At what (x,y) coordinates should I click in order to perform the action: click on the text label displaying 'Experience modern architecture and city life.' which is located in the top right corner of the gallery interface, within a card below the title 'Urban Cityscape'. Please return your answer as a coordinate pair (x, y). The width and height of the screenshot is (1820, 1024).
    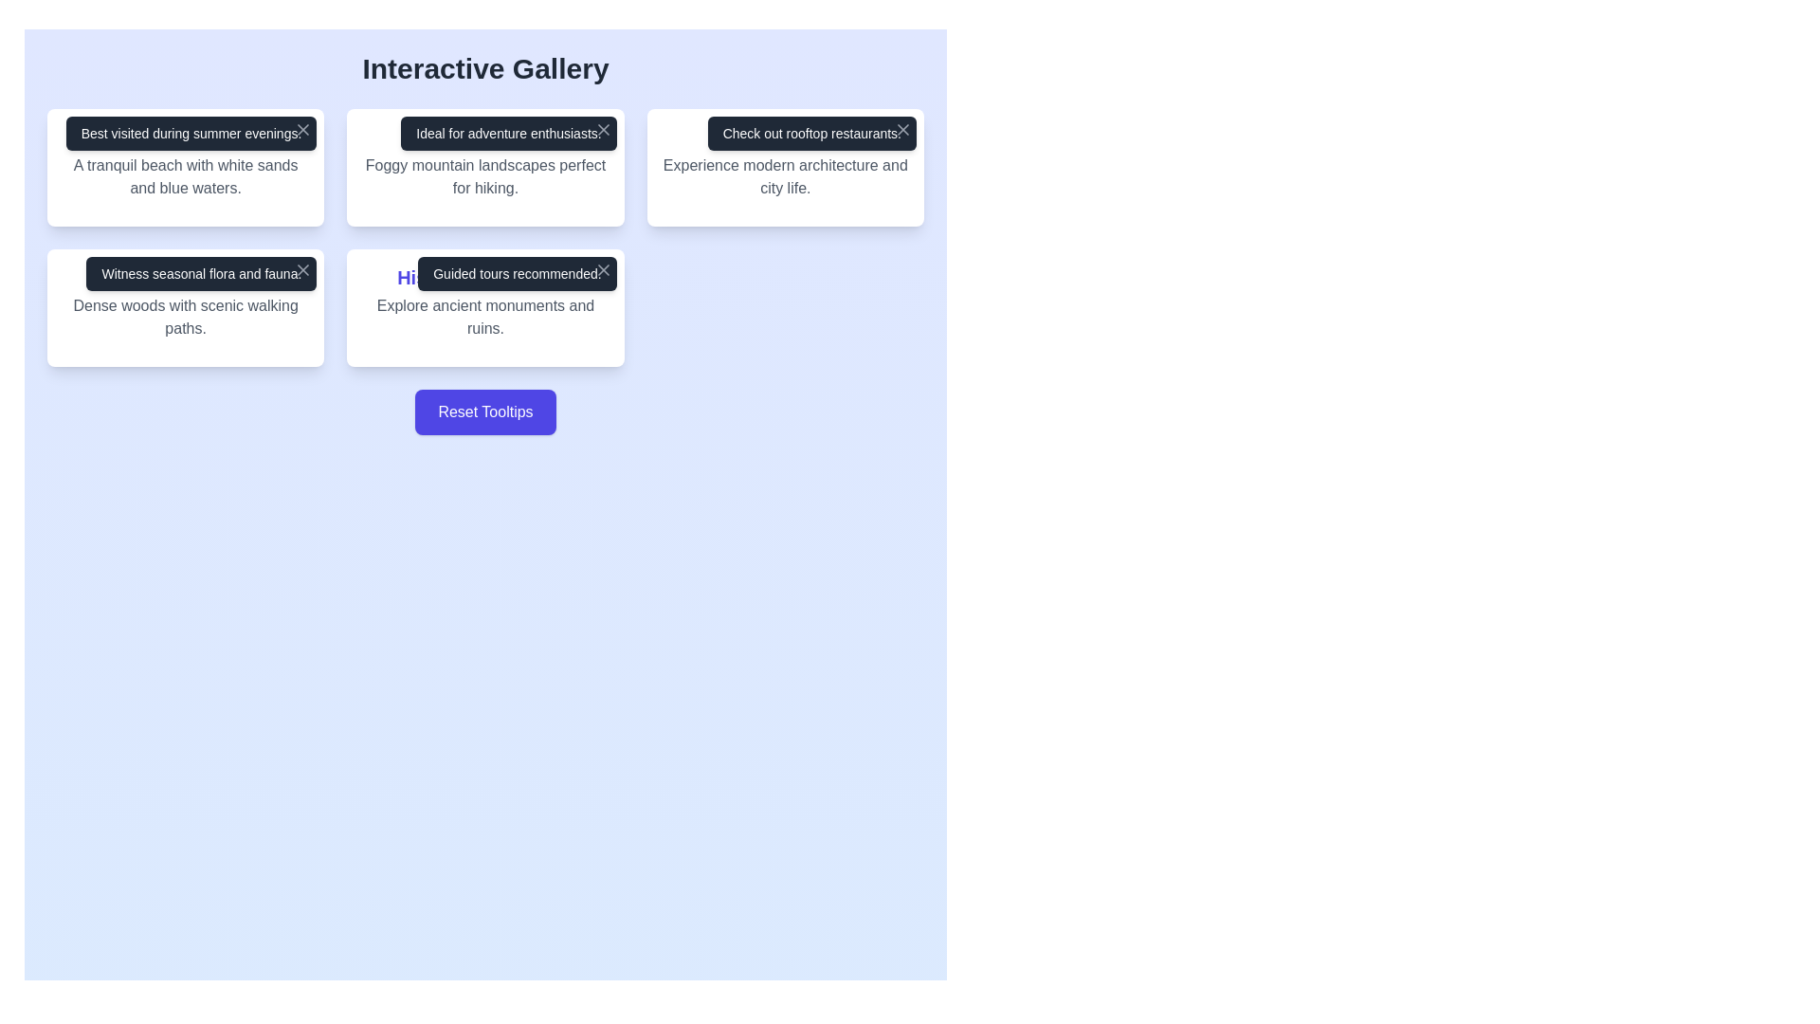
    Looking at the image, I should click on (785, 176).